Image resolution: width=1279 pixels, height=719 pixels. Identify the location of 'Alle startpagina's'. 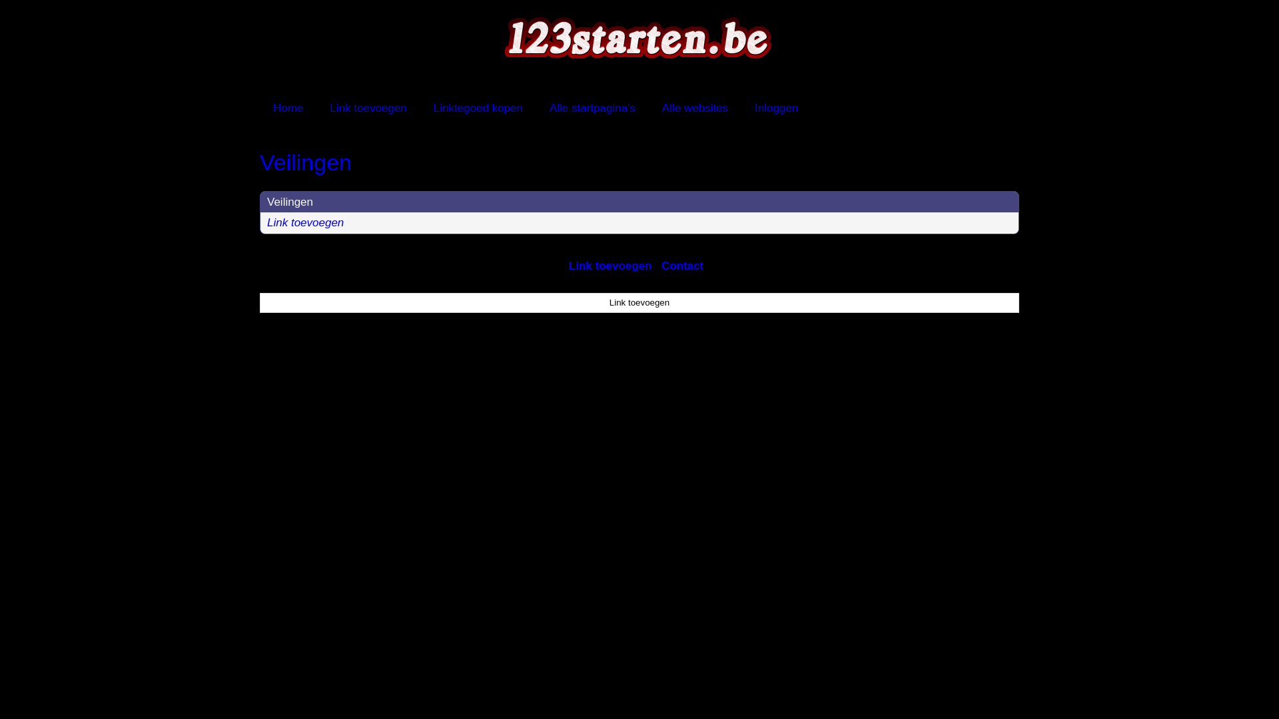
(592, 107).